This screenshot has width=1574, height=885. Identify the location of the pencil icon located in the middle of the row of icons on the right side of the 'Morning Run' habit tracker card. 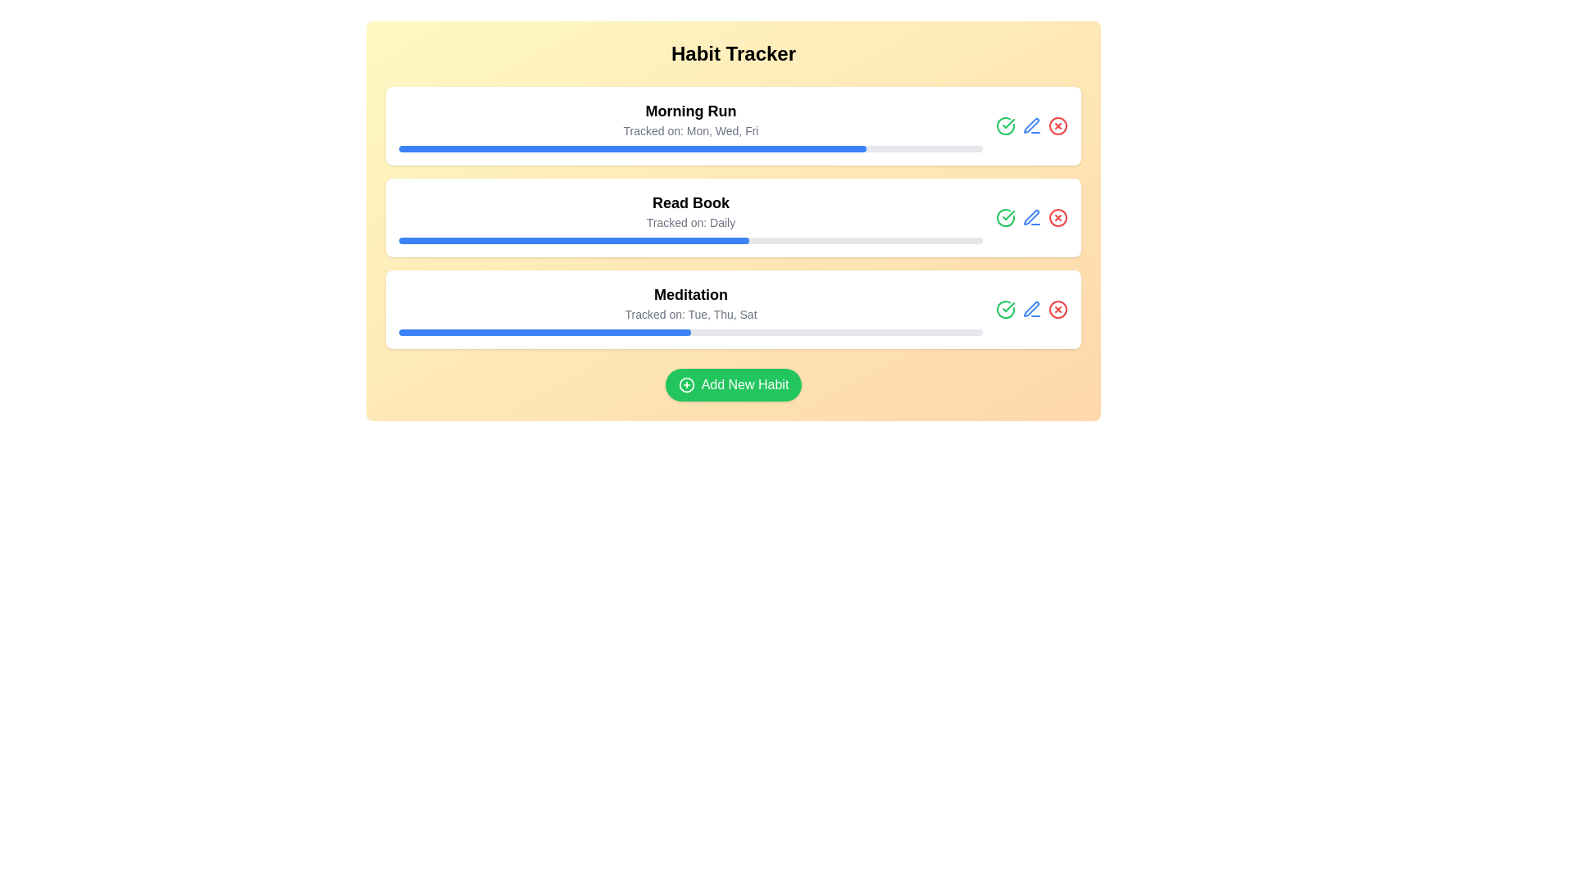
(1030, 125).